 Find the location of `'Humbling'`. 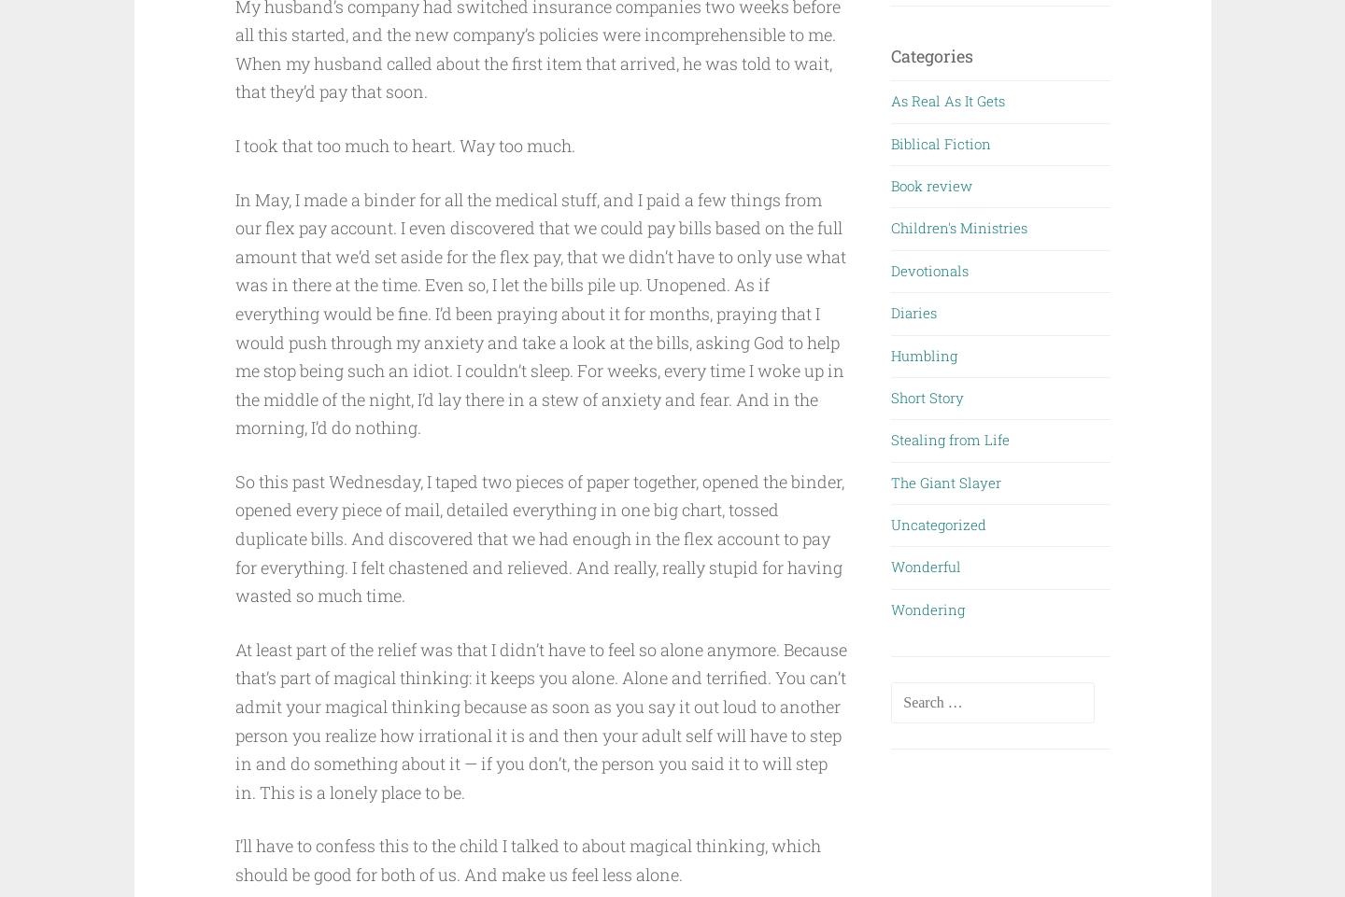

'Humbling' is located at coordinates (923, 354).